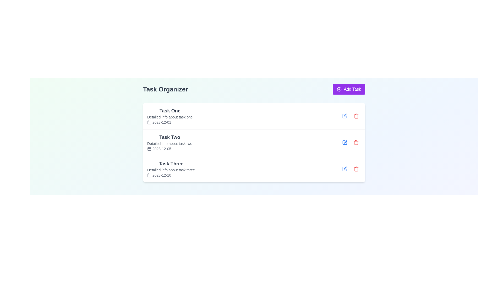 Image resolution: width=503 pixels, height=283 pixels. What do you see at coordinates (170, 137) in the screenshot?
I see `the text label displaying the title 'Task Two', which is in bold and dark gray, located in the center region of the application interface under the 'Task Organizer' header` at bounding box center [170, 137].